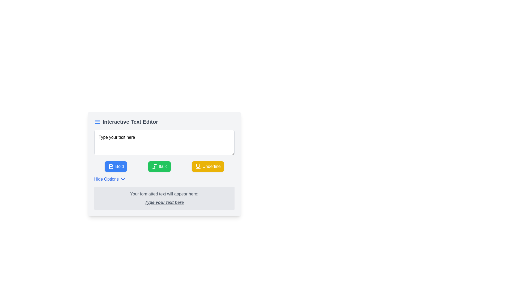  I want to click on the 'Bold' icon located to the left of the blue button labeled 'Bold' in the button group underneath the text input field, so click(111, 166).